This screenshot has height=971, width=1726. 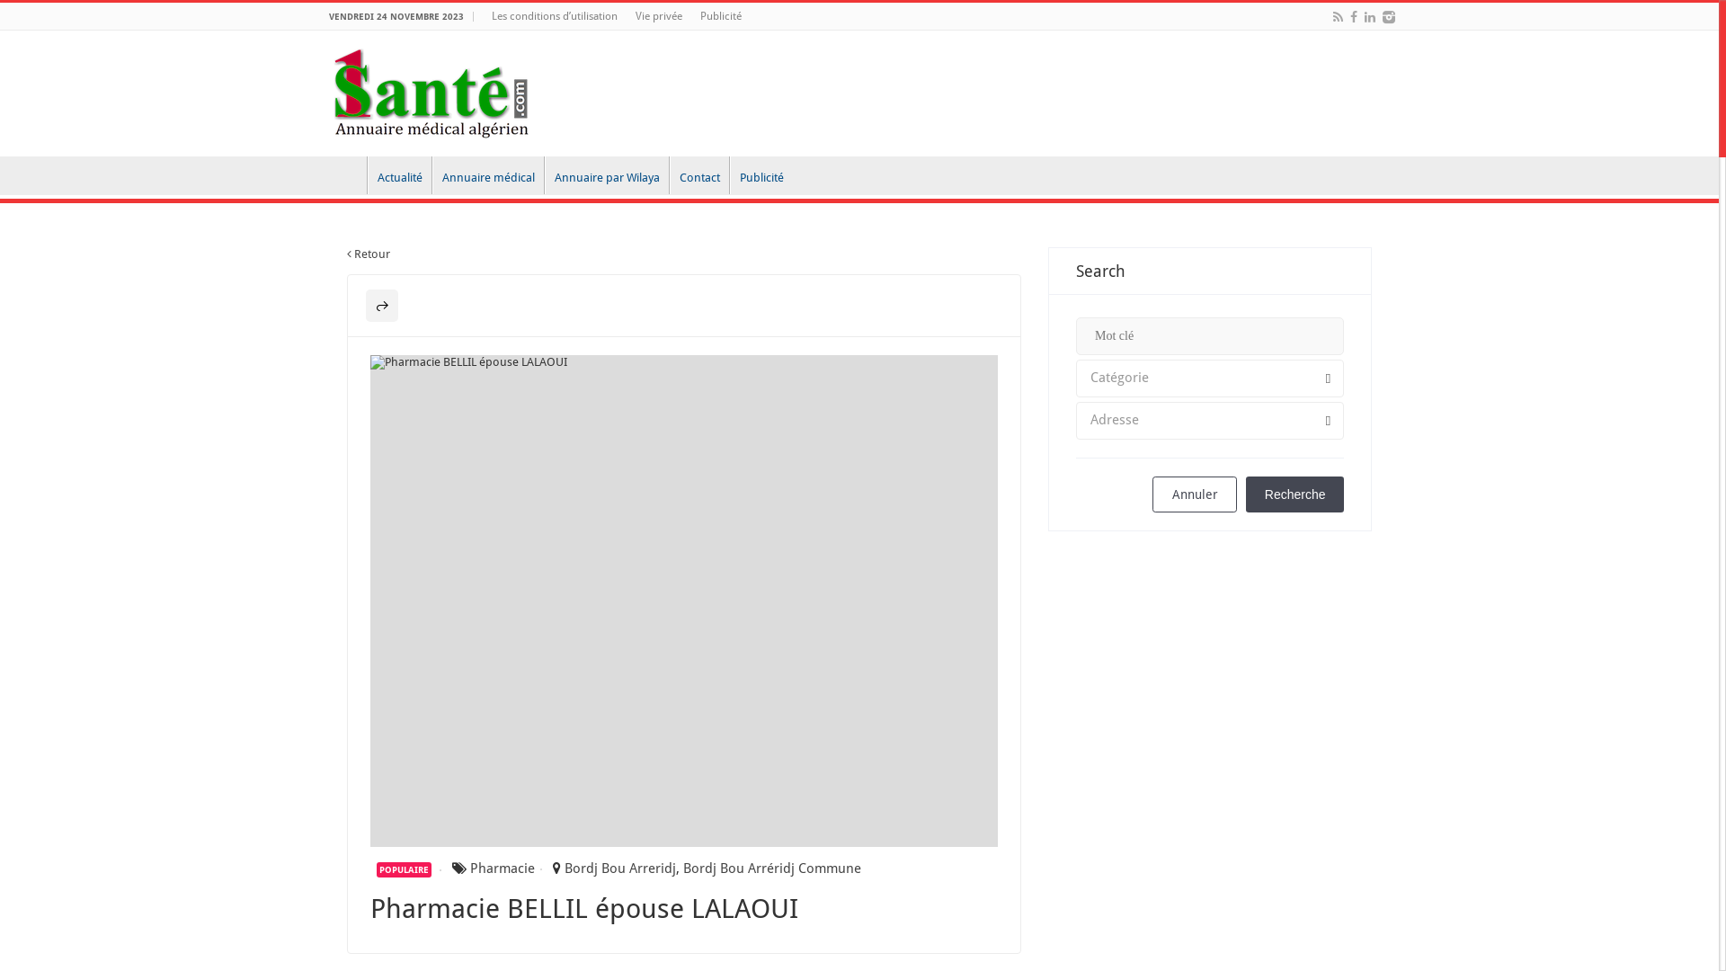 I want to click on 'Recherche', so click(x=1294, y=494).